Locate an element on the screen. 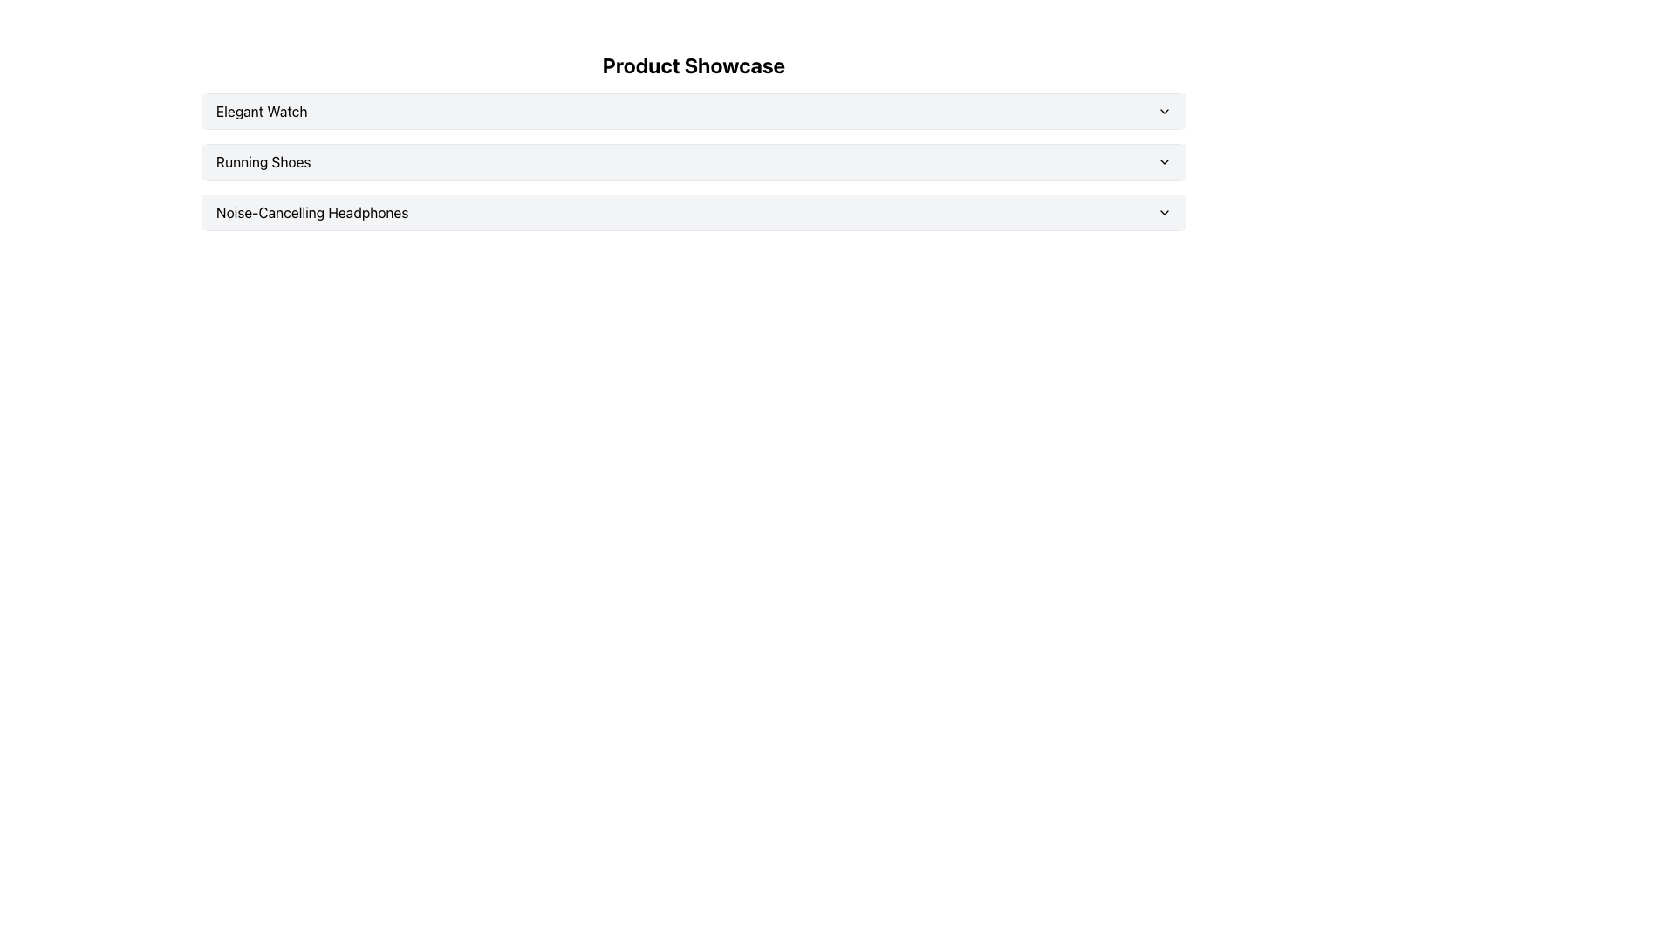 This screenshot has height=942, width=1675. the icon located to the far right of the row containing the text 'Running Shoes' is located at coordinates (1164, 161).